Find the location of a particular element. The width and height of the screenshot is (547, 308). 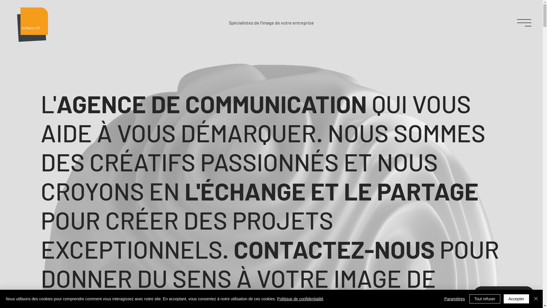

'Tout refuser' is located at coordinates (469, 299).